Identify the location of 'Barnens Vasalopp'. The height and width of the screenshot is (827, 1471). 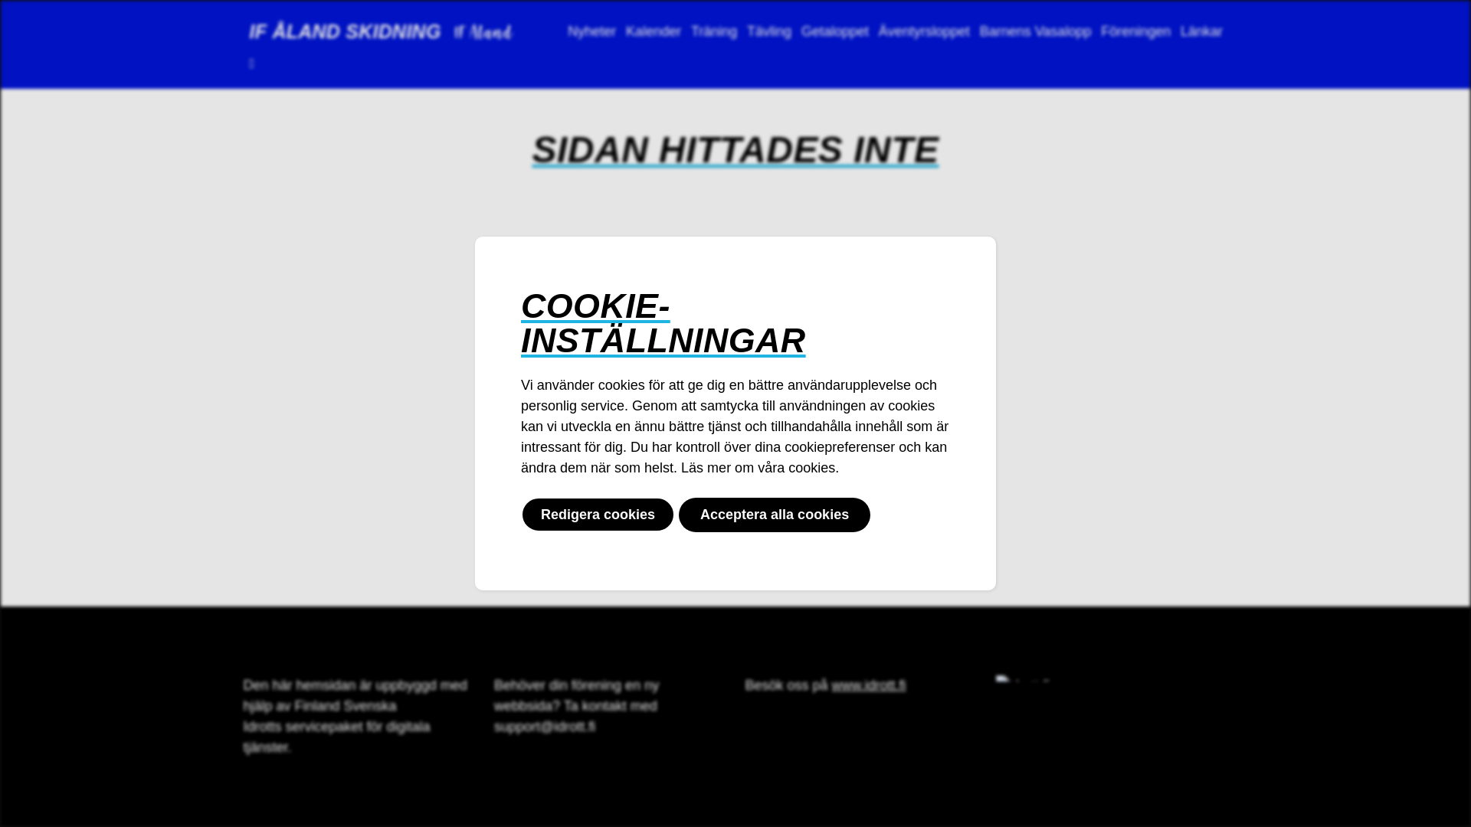
(1035, 31).